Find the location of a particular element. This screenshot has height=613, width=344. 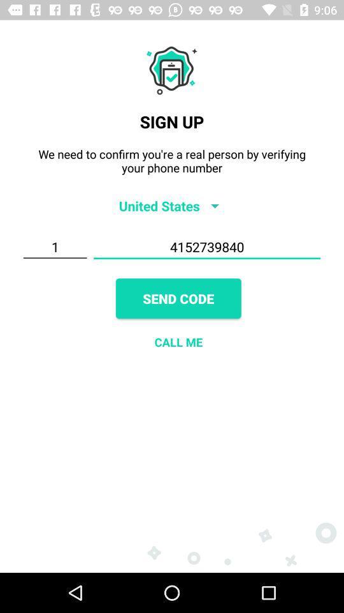

item below the we need to is located at coordinates (172, 206).